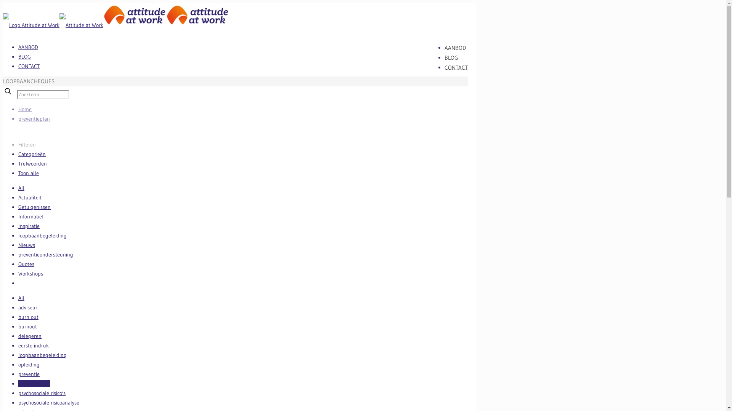 The height and width of the screenshot is (411, 732). I want to click on 'burn out', so click(28, 317).